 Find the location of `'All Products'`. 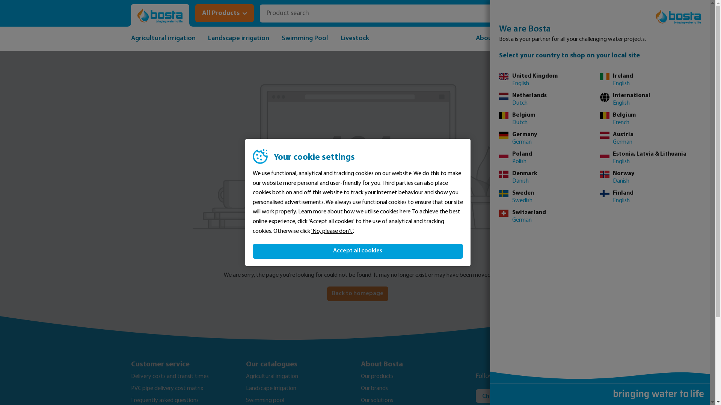

'All Products' is located at coordinates (195, 15).